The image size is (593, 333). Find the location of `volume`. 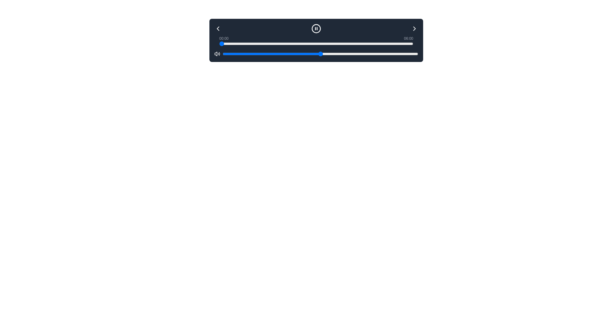

volume is located at coordinates (390, 53).